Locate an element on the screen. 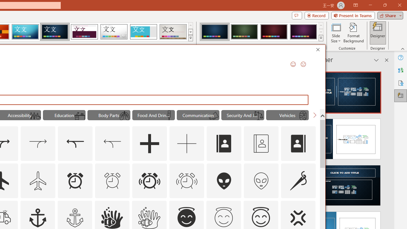 This screenshot has width=407, height=229. 'Slide Size' is located at coordinates (335, 33).